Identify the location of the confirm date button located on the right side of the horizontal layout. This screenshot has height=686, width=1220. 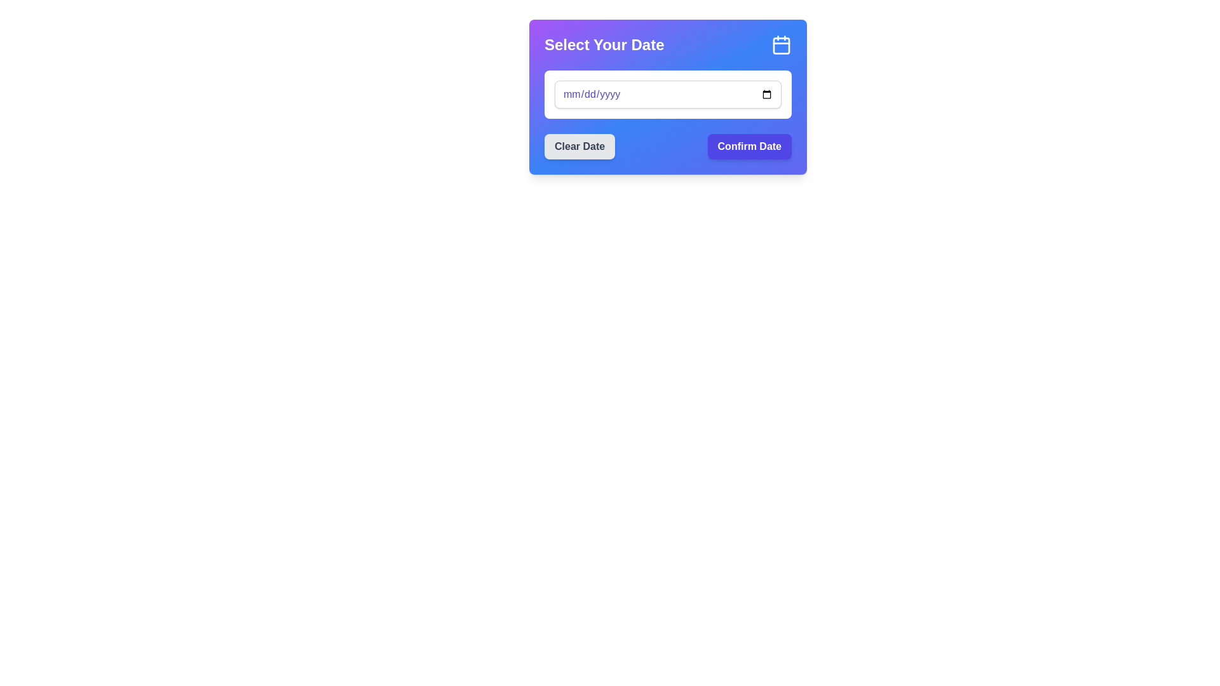
(749, 146).